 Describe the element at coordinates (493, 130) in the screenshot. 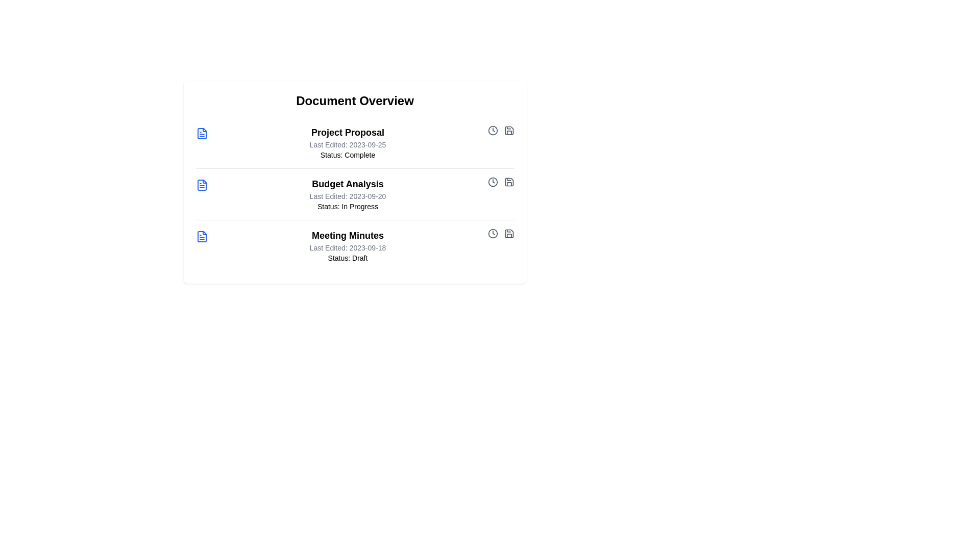

I see `the status icon of Project Proposal to interact with its status` at that location.